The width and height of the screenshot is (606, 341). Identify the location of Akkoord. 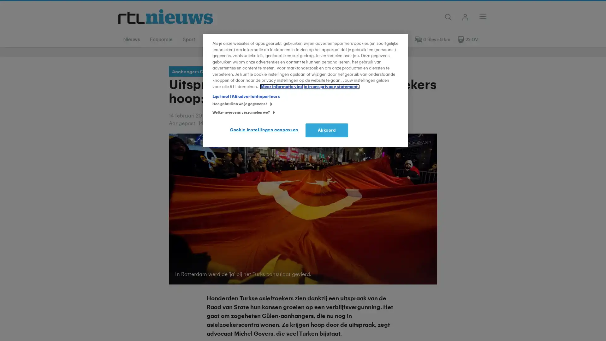
(327, 130).